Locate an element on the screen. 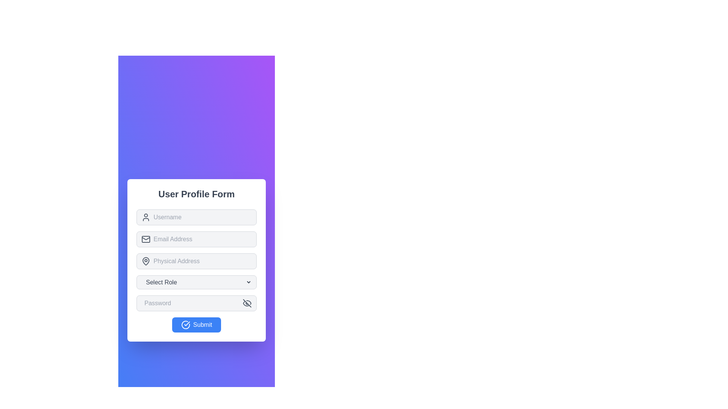 This screenshot has width=728, height=409. the dropdown menu for selecting a user role, located is located at coordinates (196, 282).